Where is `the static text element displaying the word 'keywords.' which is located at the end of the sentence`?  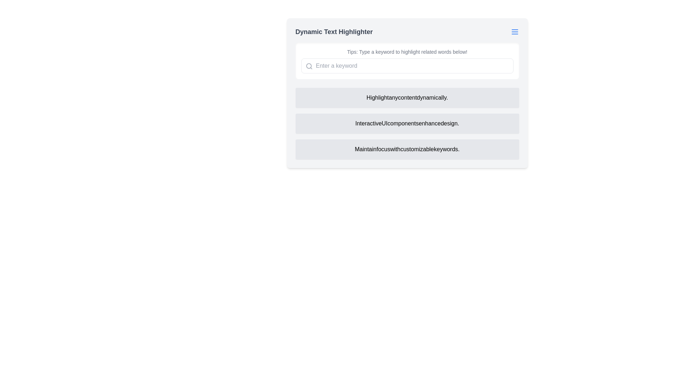 the static text element displaying the word 'keywords.' which is located at the end of the sentence is located at coordinates (446, 149).